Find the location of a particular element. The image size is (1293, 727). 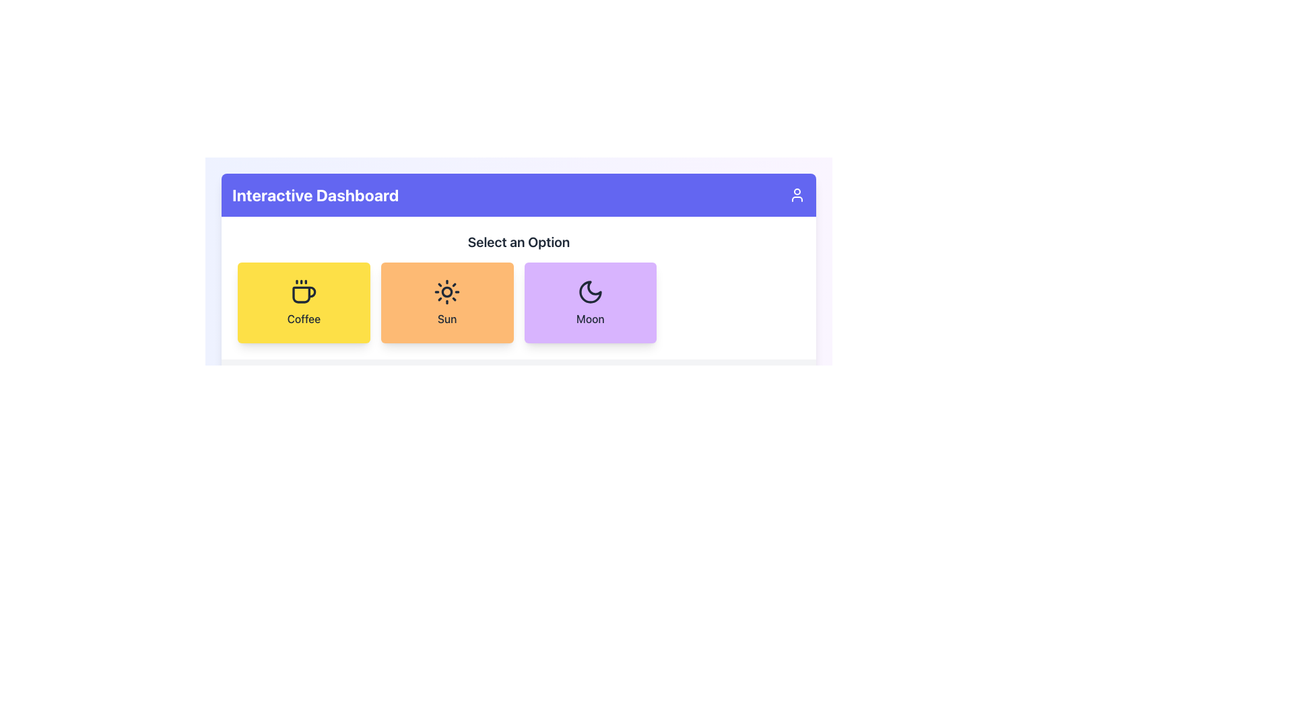

text content of the label that identifies the option as 'Coffee', located beneath the coffee cup icon in the leftmost yellow box is located at coordinates (303, 319).